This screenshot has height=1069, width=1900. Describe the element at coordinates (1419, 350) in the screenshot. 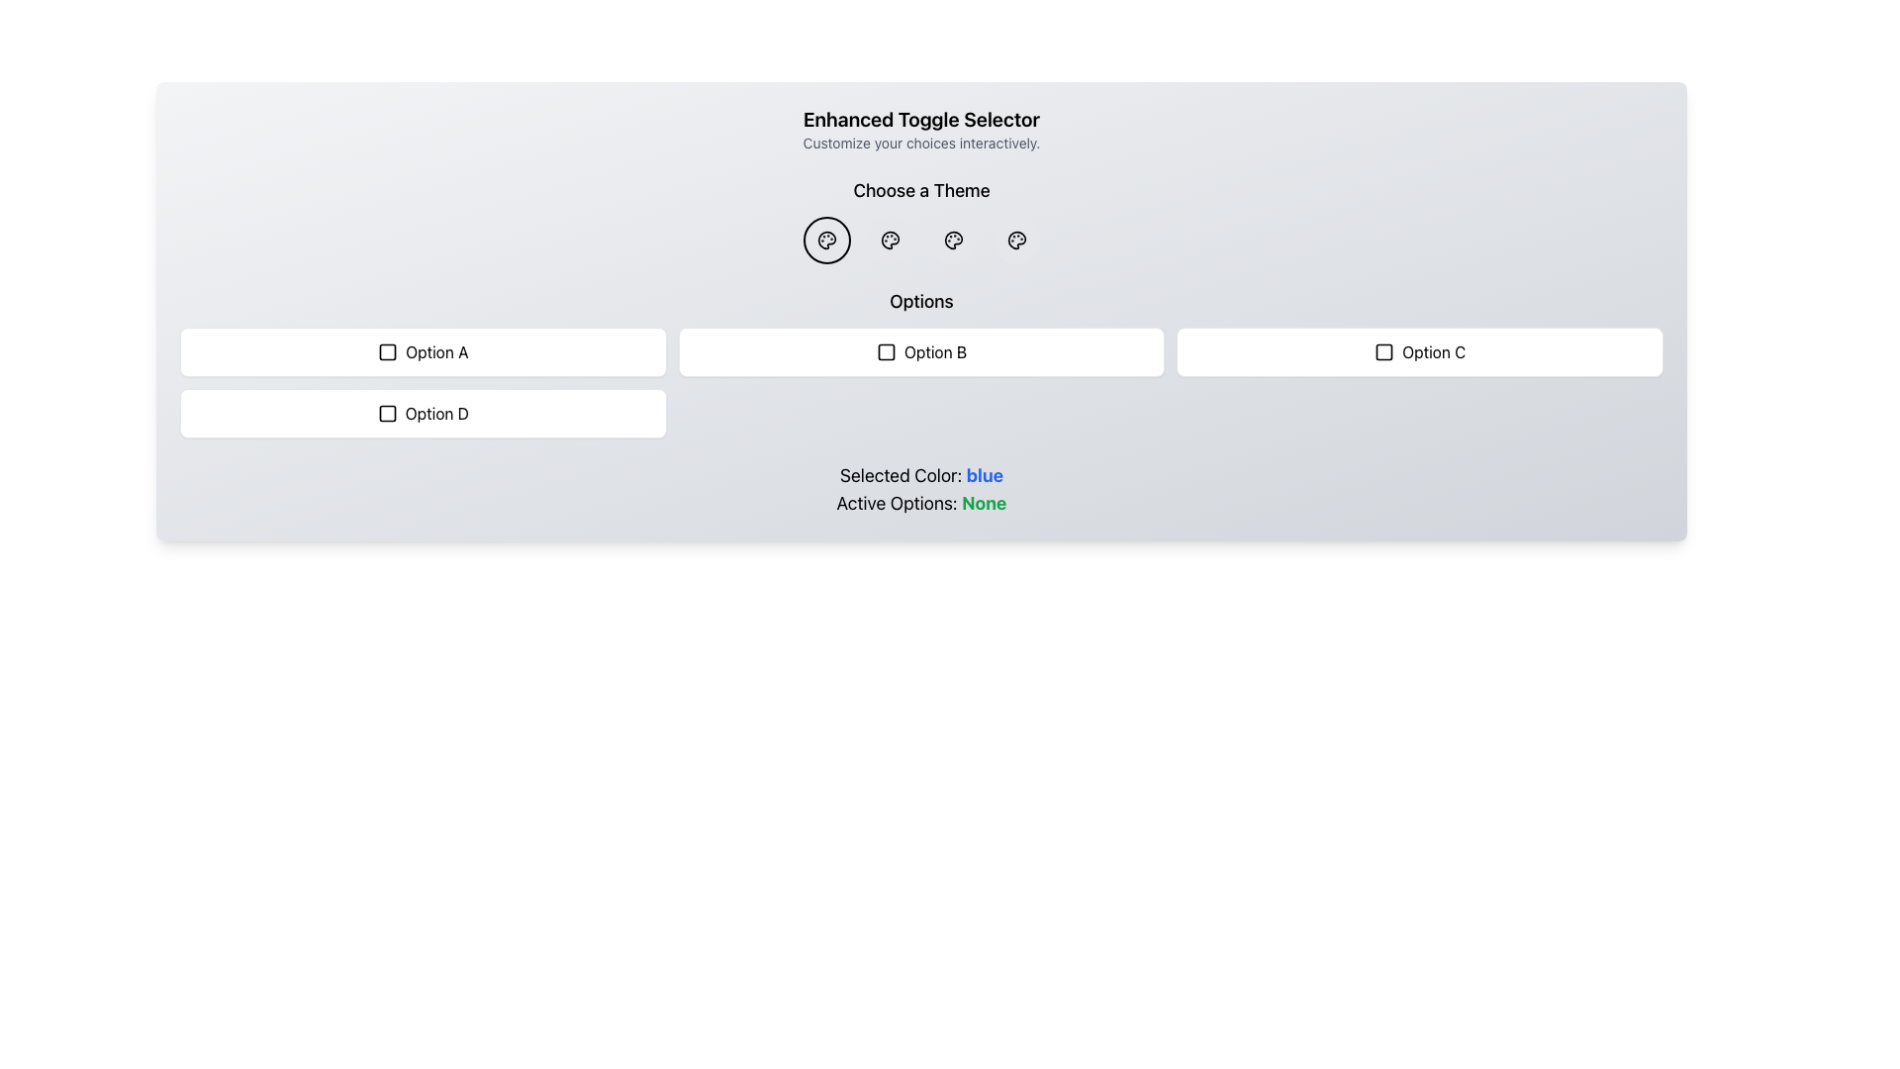

I see `the checkbox option labeled 'Option C' located in the third column of the 'Options' grid, positioned between 'Option B' and 'Option D'` at that location.